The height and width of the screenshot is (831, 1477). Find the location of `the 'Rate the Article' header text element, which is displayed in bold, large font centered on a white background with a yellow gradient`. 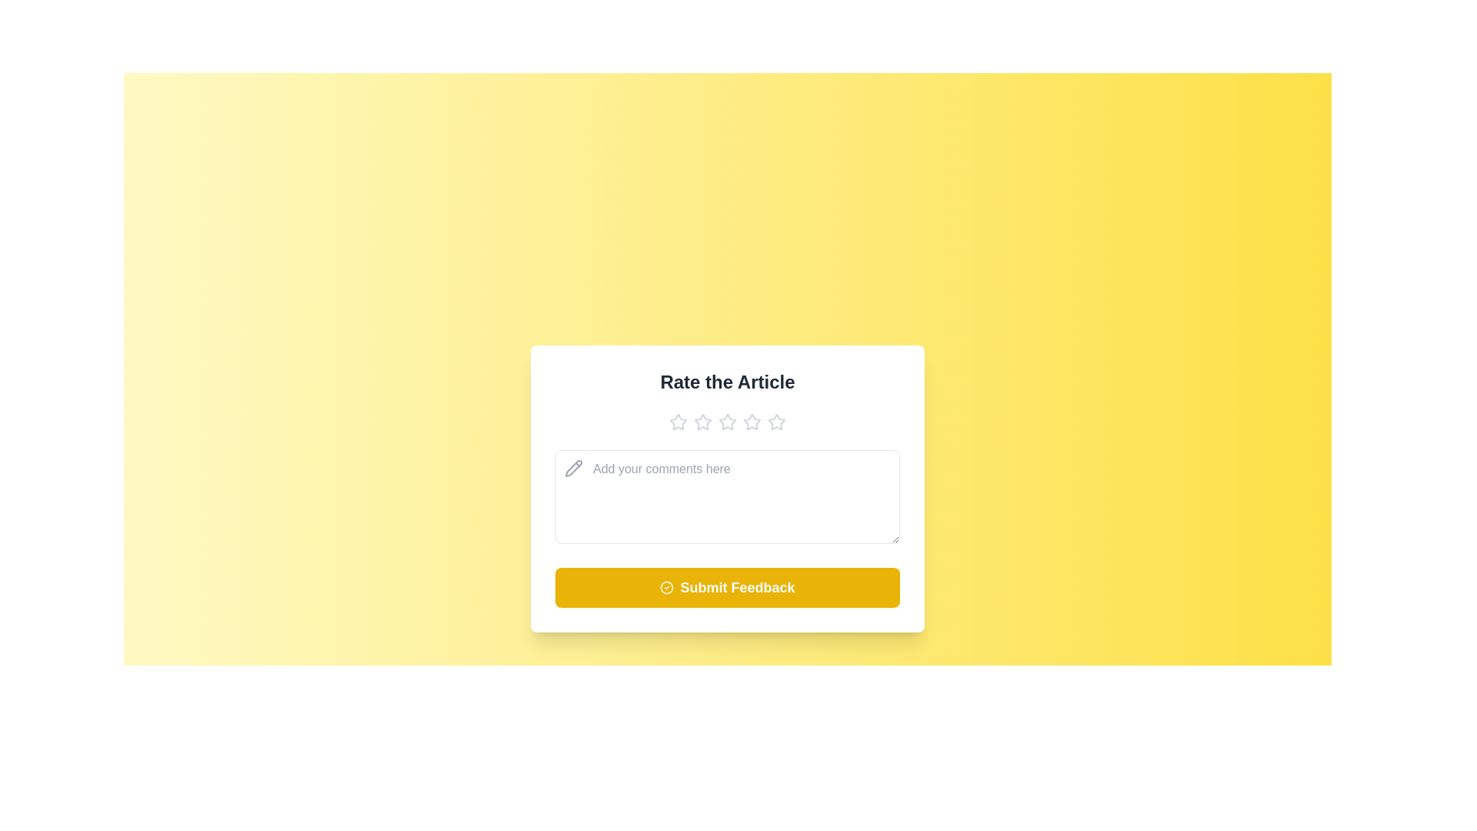

the 'Rate the Article' header text element, which is displayed in bold, large font centered on a white background with a yellow gradient is located at coordinates (726, 381).